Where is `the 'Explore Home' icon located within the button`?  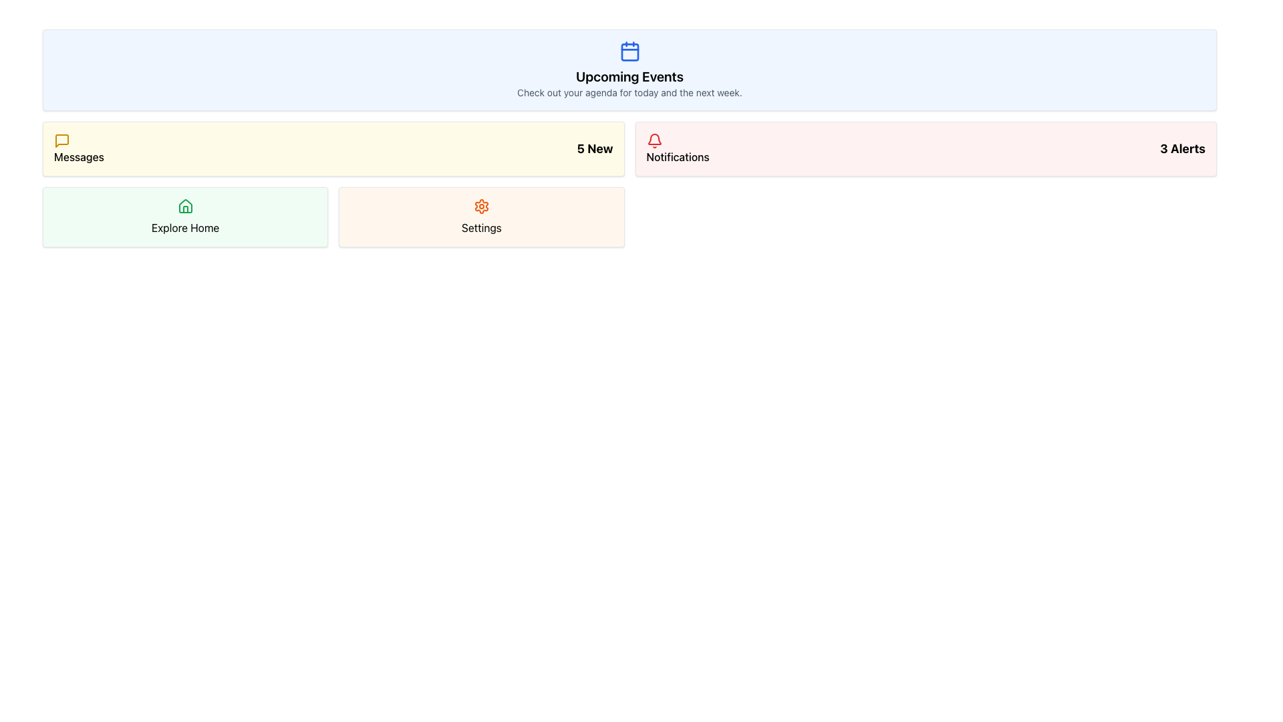 the 'Explore Home' icon located within the button is located at coordinates (184, 206).